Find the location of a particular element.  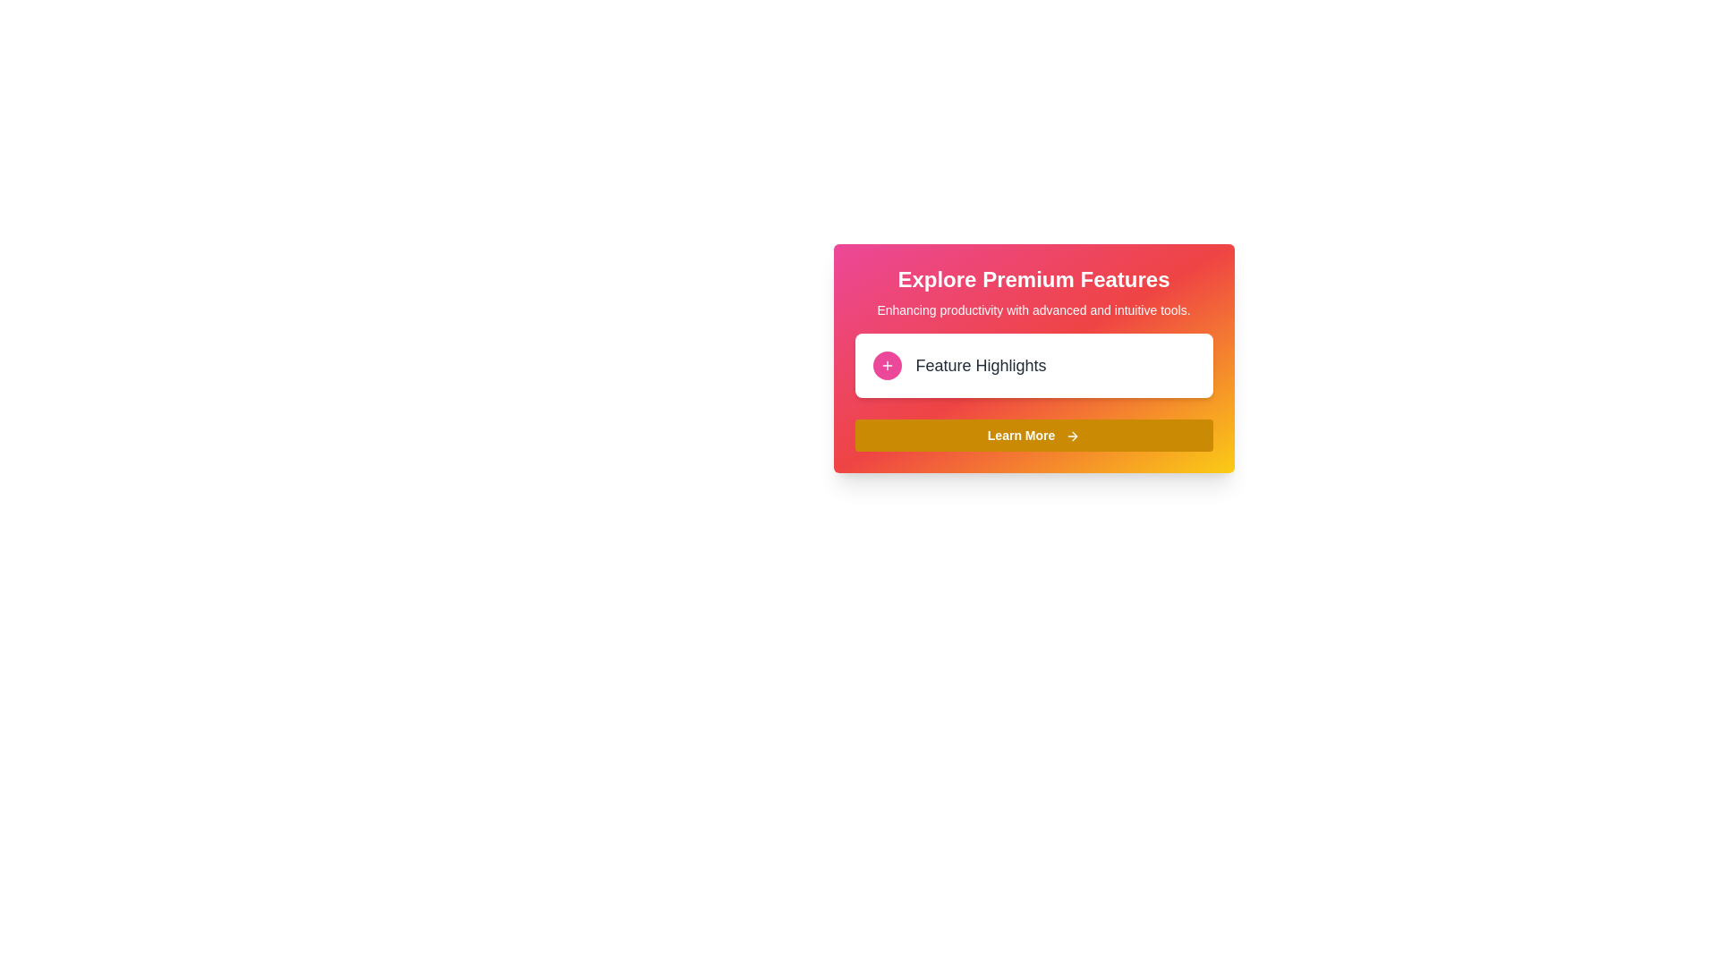

the 'Feature Highlights' text label which is styled with a medium font weight and large size, located directly to the right of a pink circular button with a white plus sign is located at coordinates (980, 364).